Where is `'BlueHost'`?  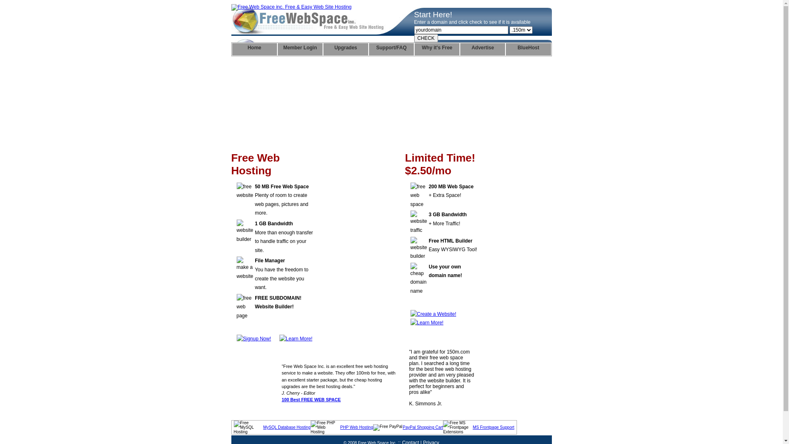 'BlueHost' is located at coordinates (528, 49).